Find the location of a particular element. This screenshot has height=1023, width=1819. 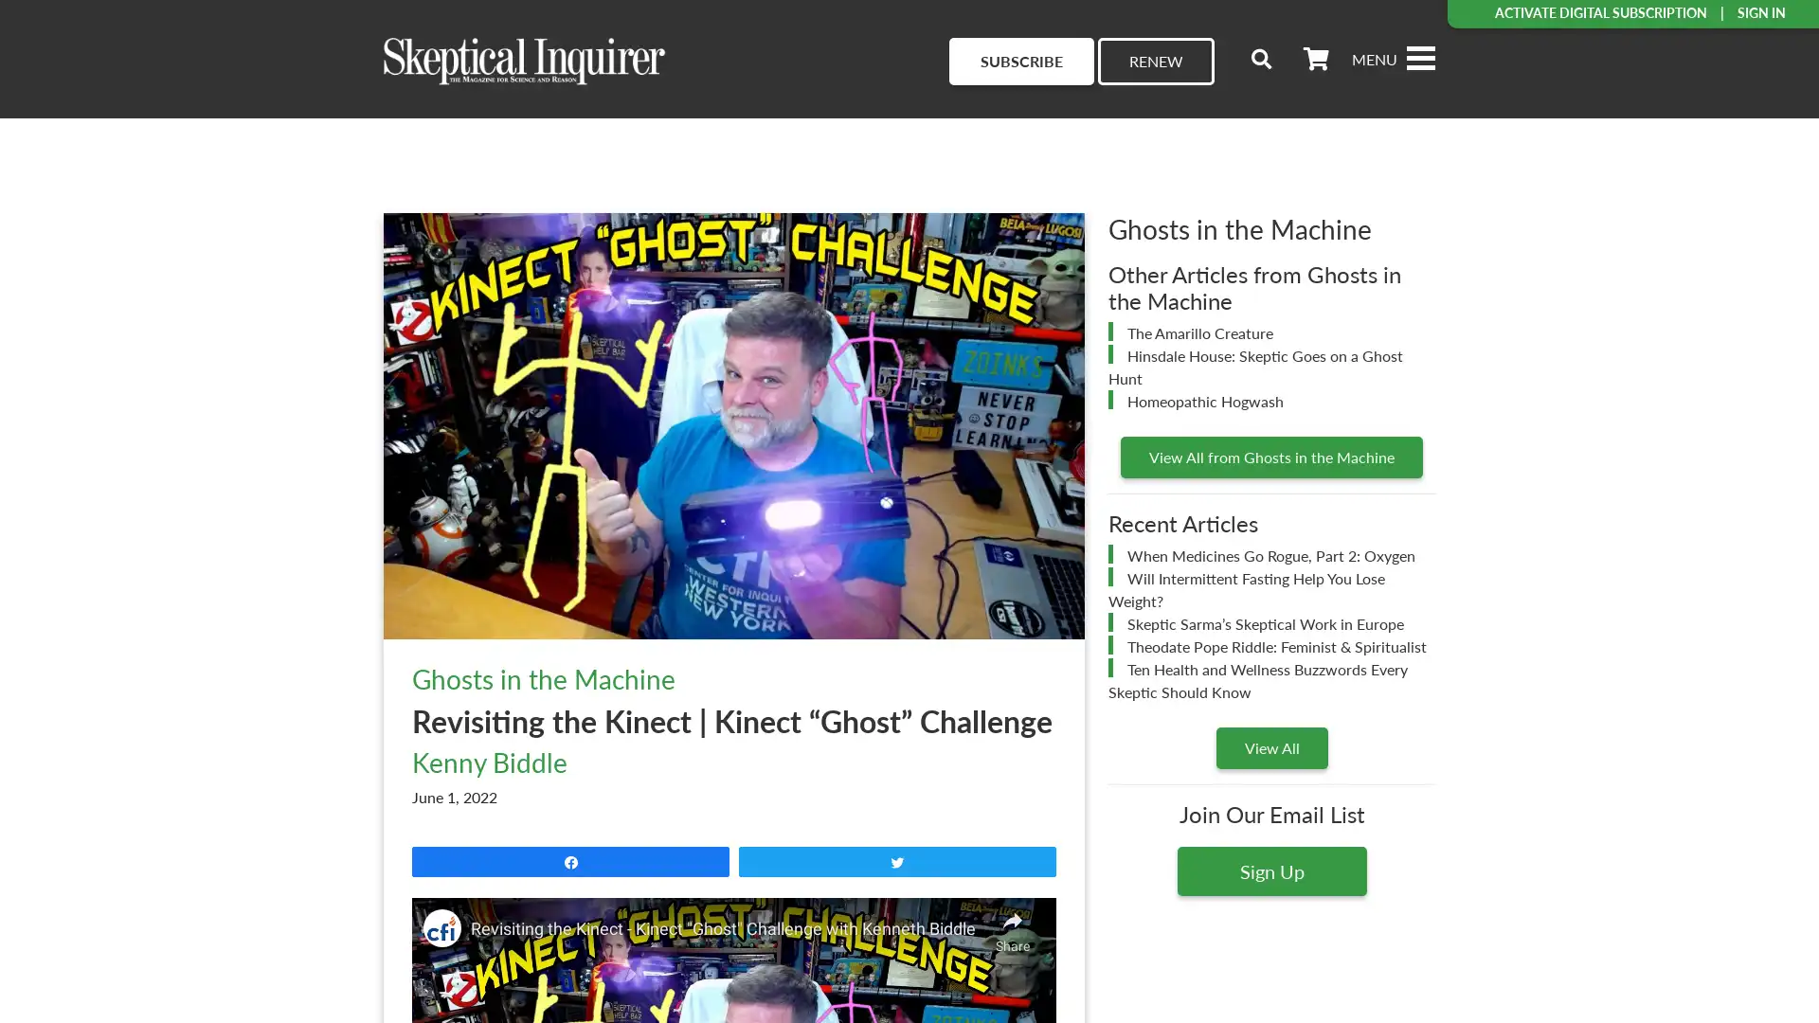

View All is located at coordinates (1271, 746).